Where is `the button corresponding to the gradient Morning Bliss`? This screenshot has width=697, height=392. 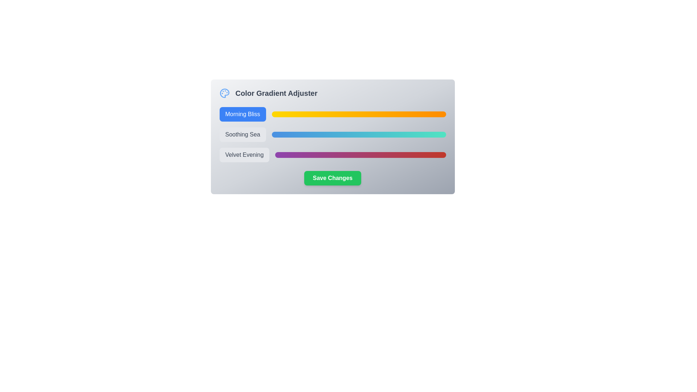 the button corresponding to the gradient Morning Bliss is located at coordinates (242, 114).